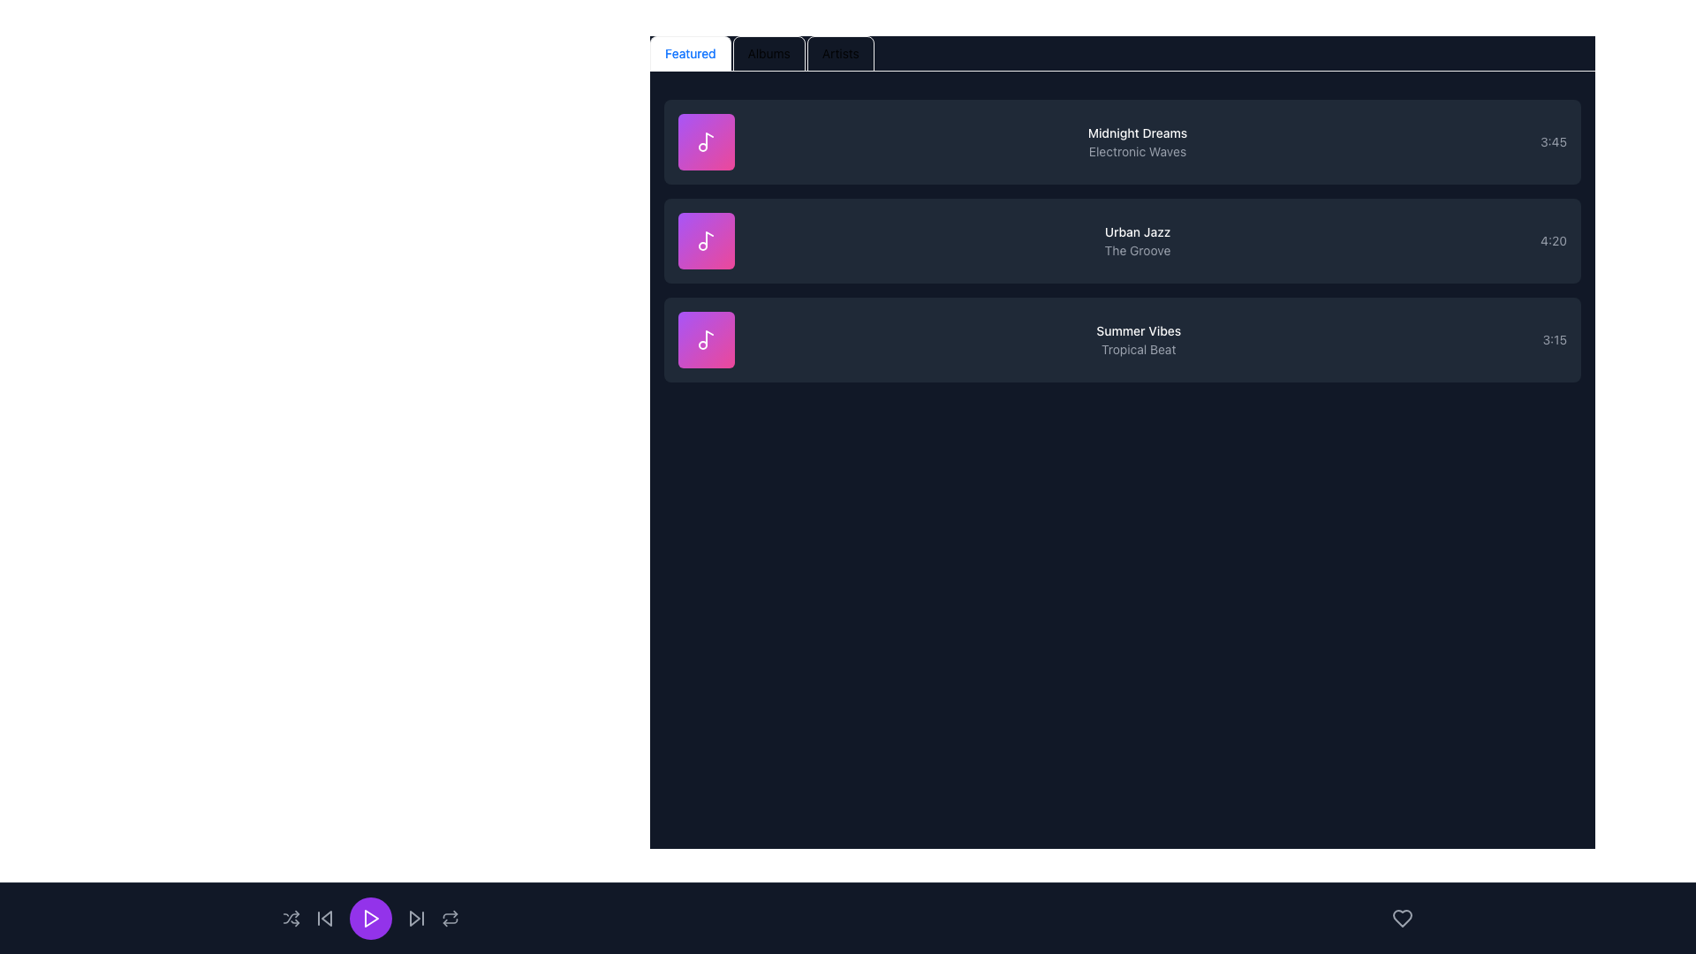 The height and width of the screenshot is (954, 1696). Describe the element at coordinates (707, 340) in the screenshot. I see `the decorative music icon inside a rounded box, which represents a music-related item in the vertical list of music tracks` at that location.